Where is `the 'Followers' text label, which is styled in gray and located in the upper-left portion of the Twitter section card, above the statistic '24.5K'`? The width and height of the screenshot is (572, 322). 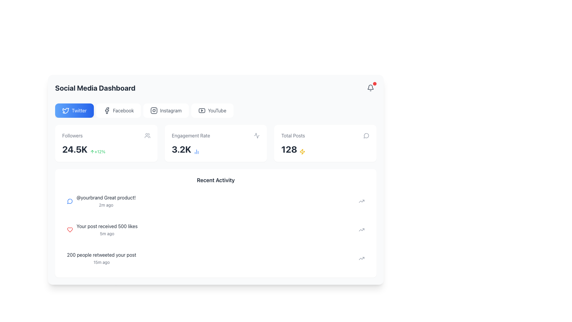 the 'Followers' text label, which is styled in gray and located in the upper-left portion of the Twitter section card, above the statistic '24.5K' is located at coordinates (72, 136).